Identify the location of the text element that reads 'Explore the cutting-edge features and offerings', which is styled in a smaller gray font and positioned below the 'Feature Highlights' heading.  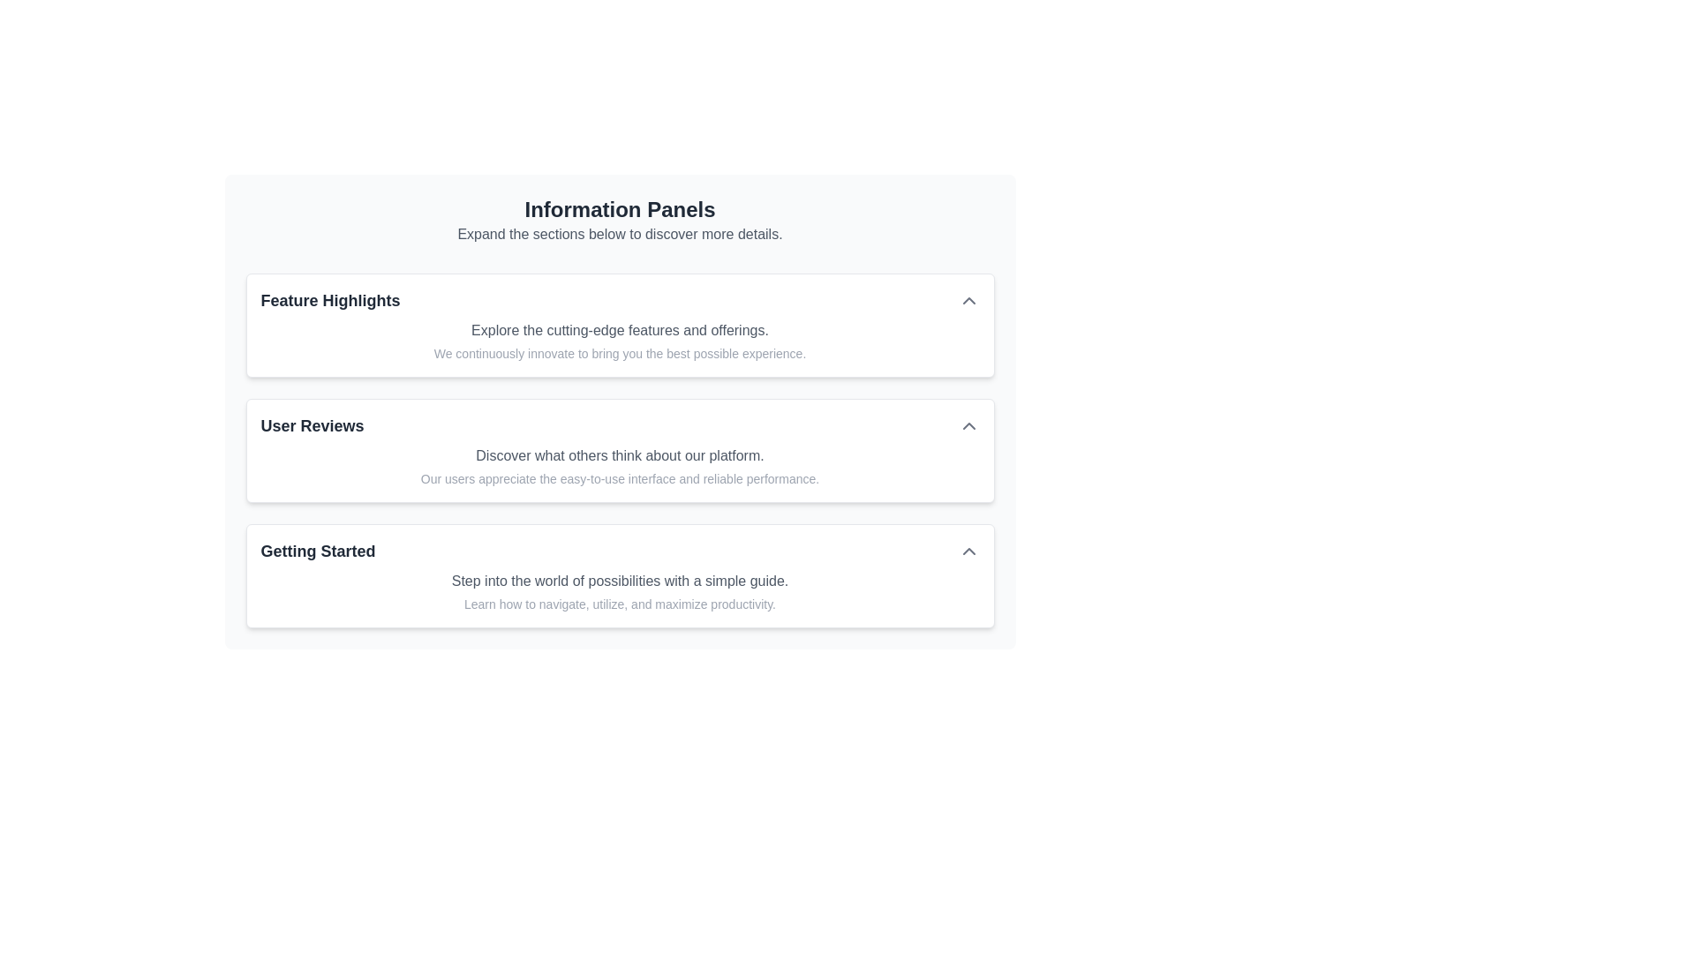
(620, 330).